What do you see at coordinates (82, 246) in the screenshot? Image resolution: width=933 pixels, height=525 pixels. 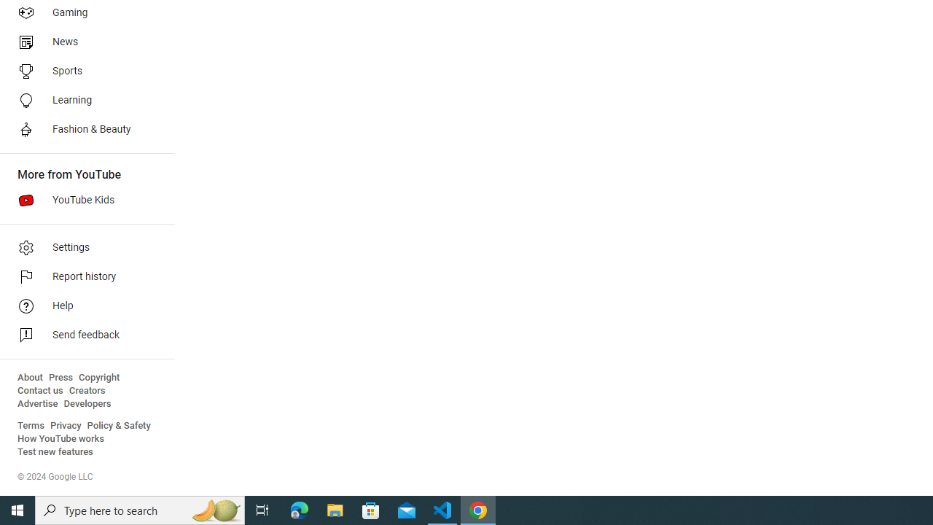 I see `'Settings'` at bounding box center [82, 246].